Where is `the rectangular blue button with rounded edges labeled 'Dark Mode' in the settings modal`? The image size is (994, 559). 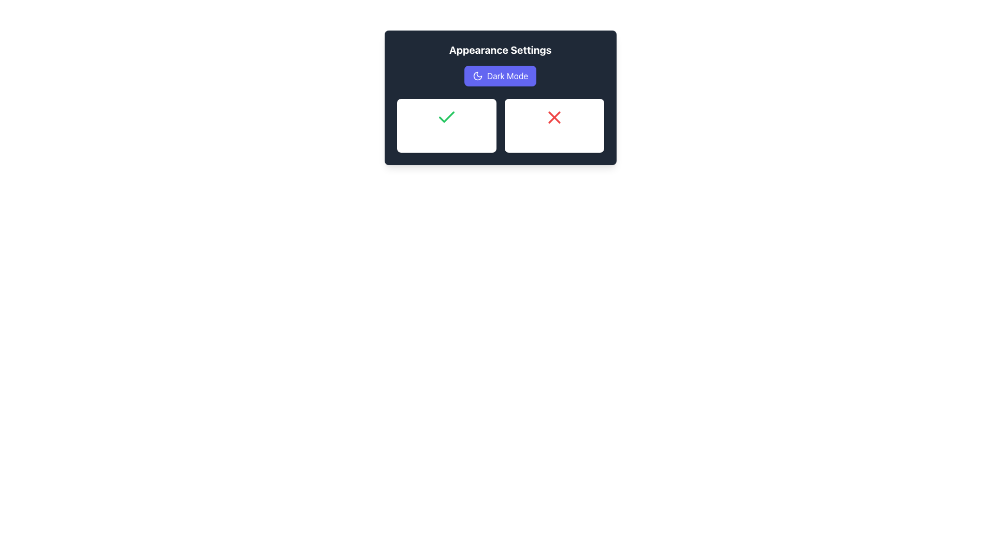
the rectangular blue button with rounded edges labeled 'Dark Mode' in the settings modal is located at coordinates (500, 75).